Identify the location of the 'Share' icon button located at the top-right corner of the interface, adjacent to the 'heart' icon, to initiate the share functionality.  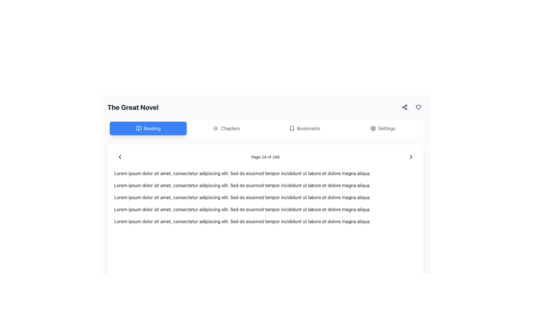
(404, 107).